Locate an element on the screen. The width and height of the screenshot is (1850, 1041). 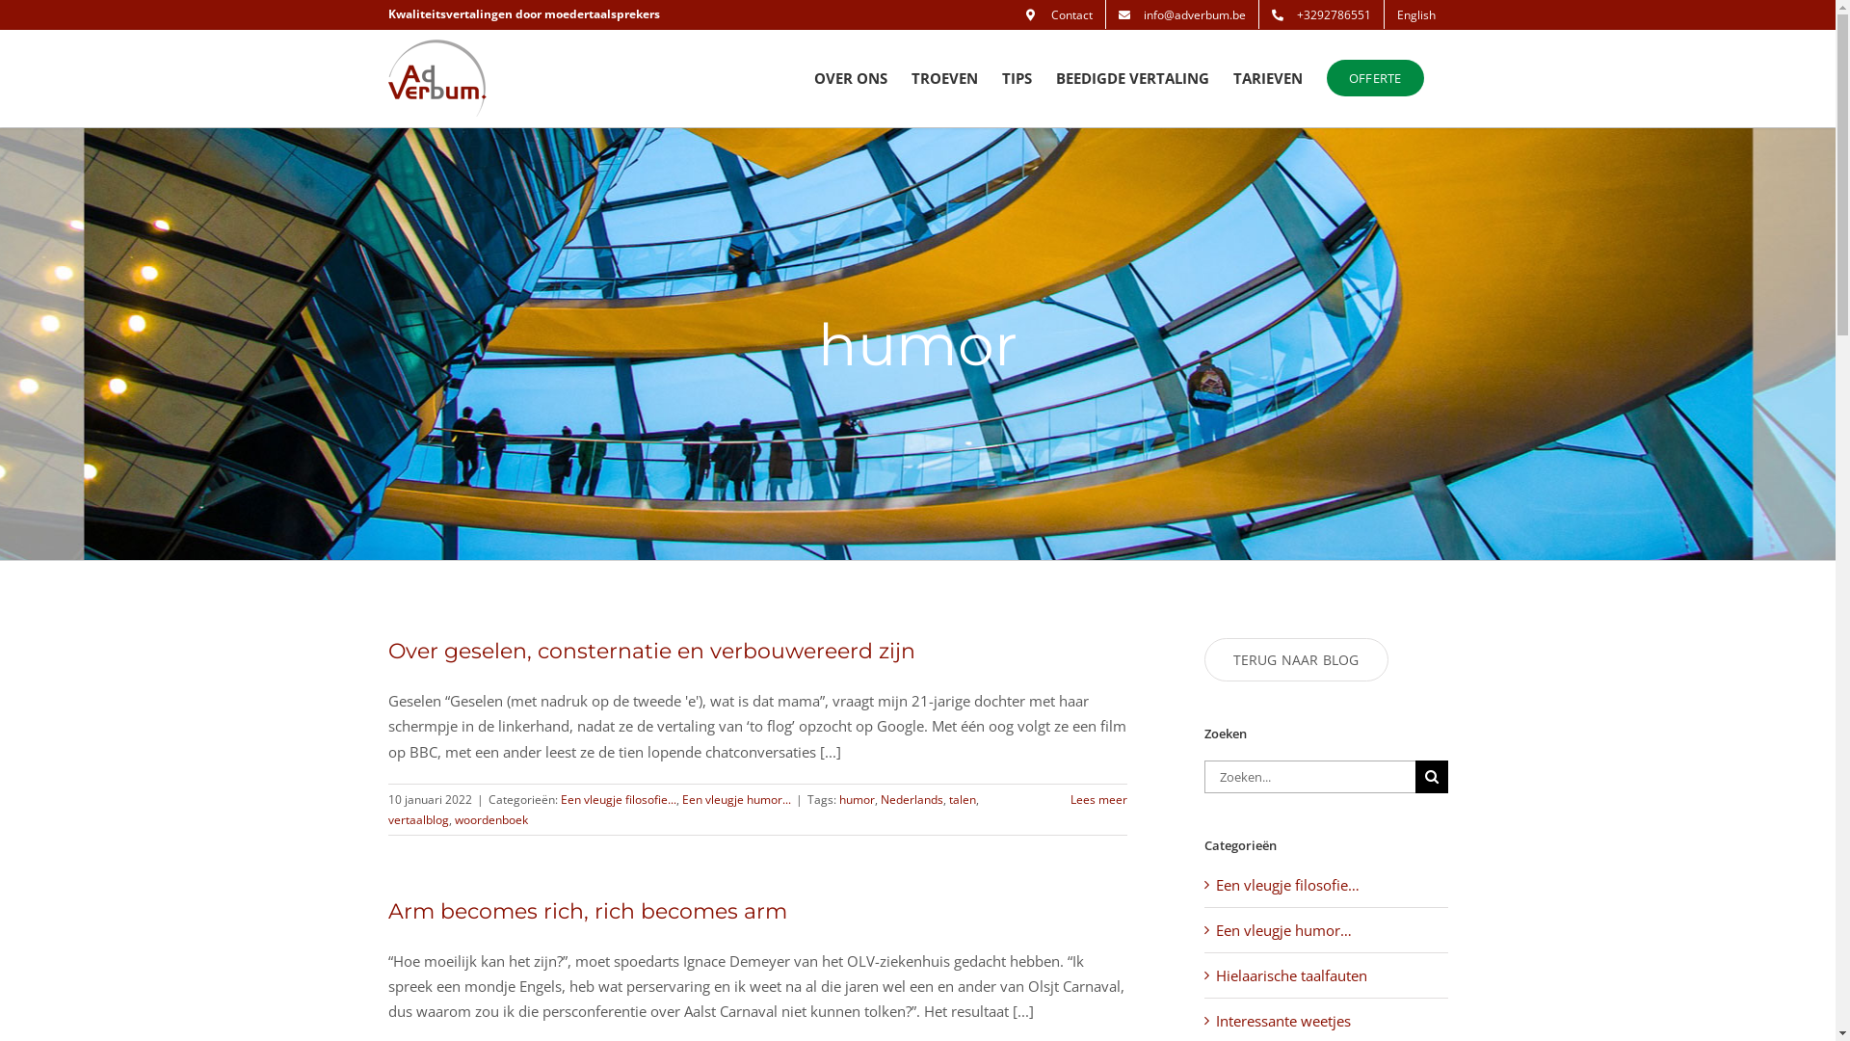
'+3292786551' is located at coordinates (1319, 14).